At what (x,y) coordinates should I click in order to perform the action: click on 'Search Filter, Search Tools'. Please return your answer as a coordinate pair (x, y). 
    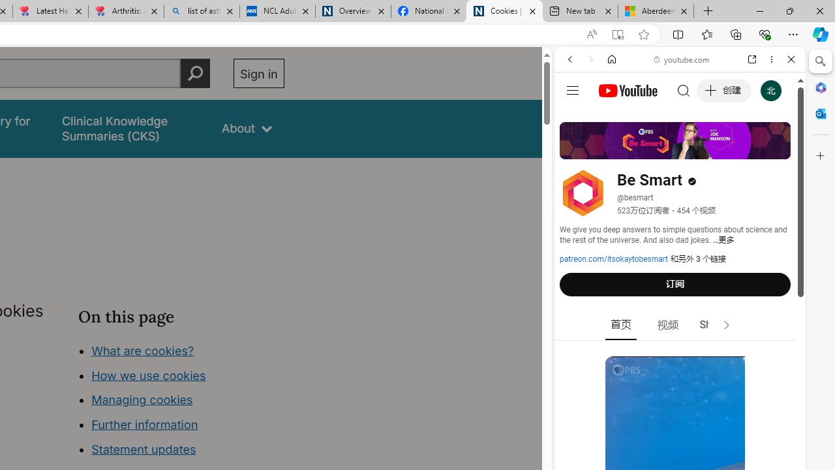
    Looking at the image, I should click on (712, 148).